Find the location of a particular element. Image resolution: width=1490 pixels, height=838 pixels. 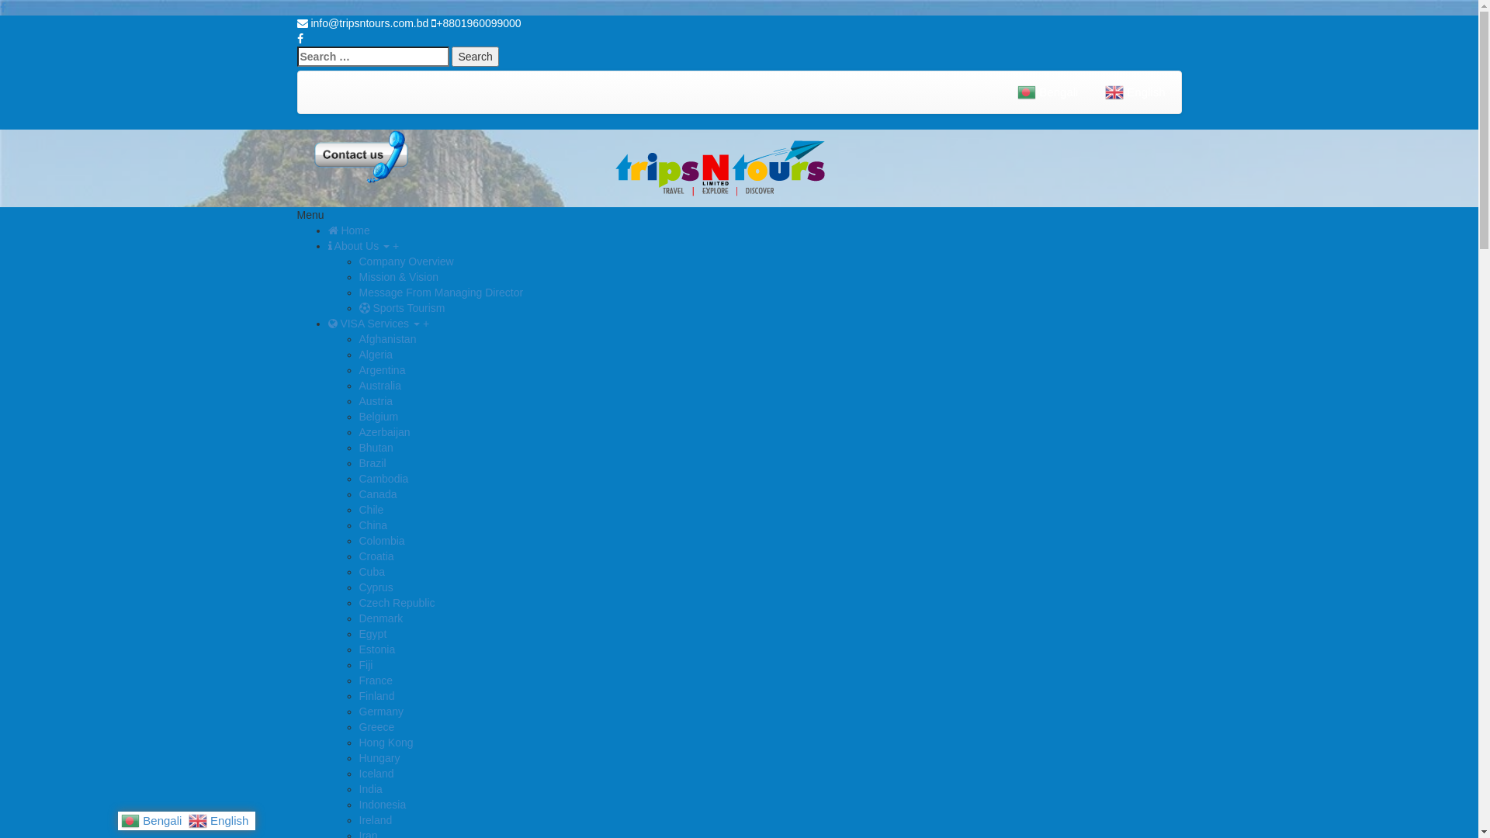

'+8801960099000' is located at coordinates (475, 23).